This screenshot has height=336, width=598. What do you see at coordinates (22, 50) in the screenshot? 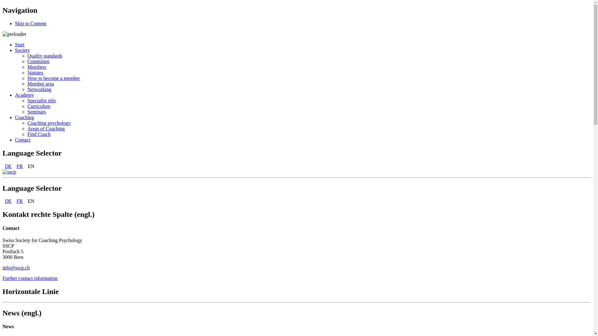
I see `'Society'` at bounding box center [22, 50].